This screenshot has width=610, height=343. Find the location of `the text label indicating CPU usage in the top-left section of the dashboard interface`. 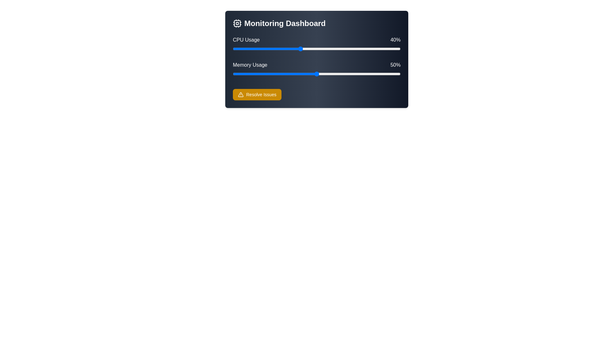

the text label indicating CPU usage in the top-left section of the dashboard interface is located at coordinates (246, 40).